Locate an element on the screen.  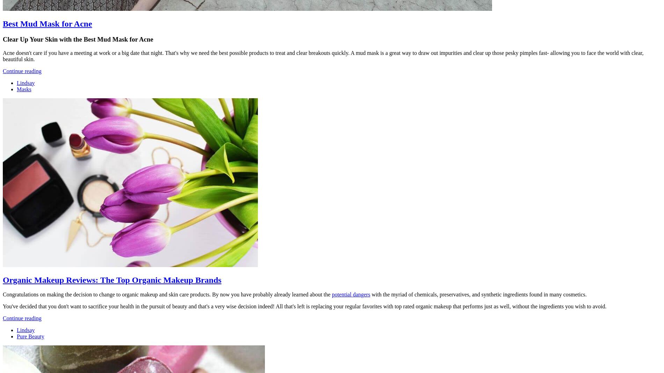
'Pure Beauty' is located at coordinates (17, 336).